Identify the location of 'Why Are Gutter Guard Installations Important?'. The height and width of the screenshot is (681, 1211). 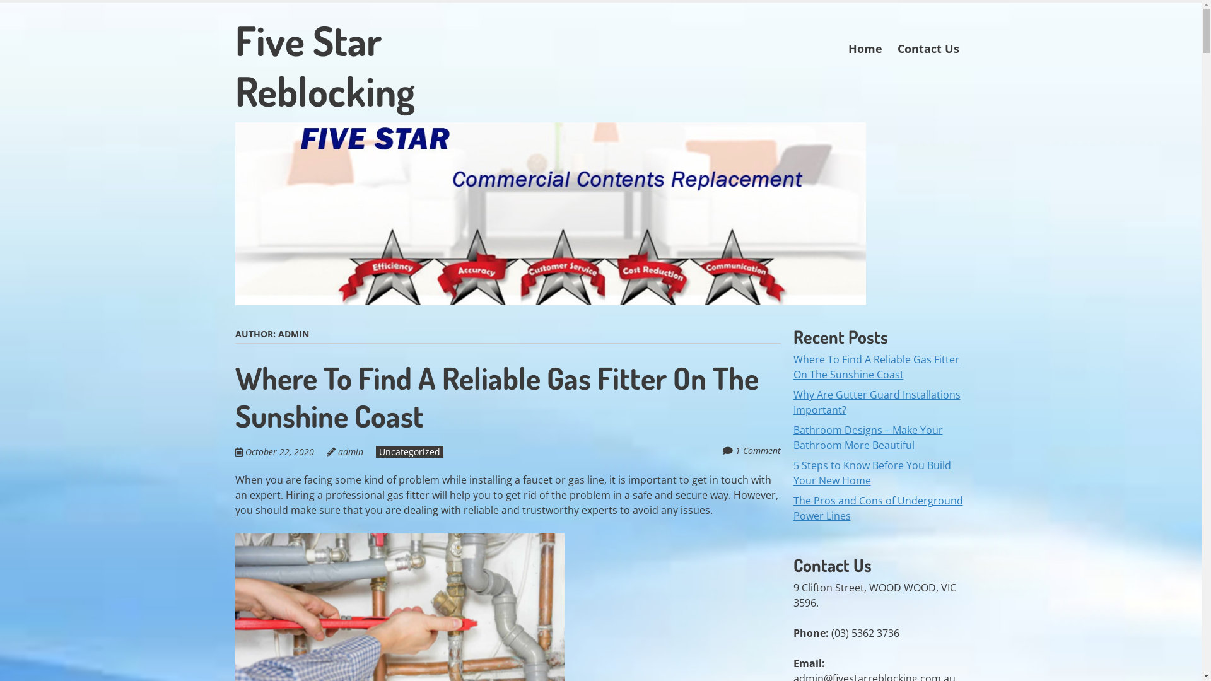
(876, 402).